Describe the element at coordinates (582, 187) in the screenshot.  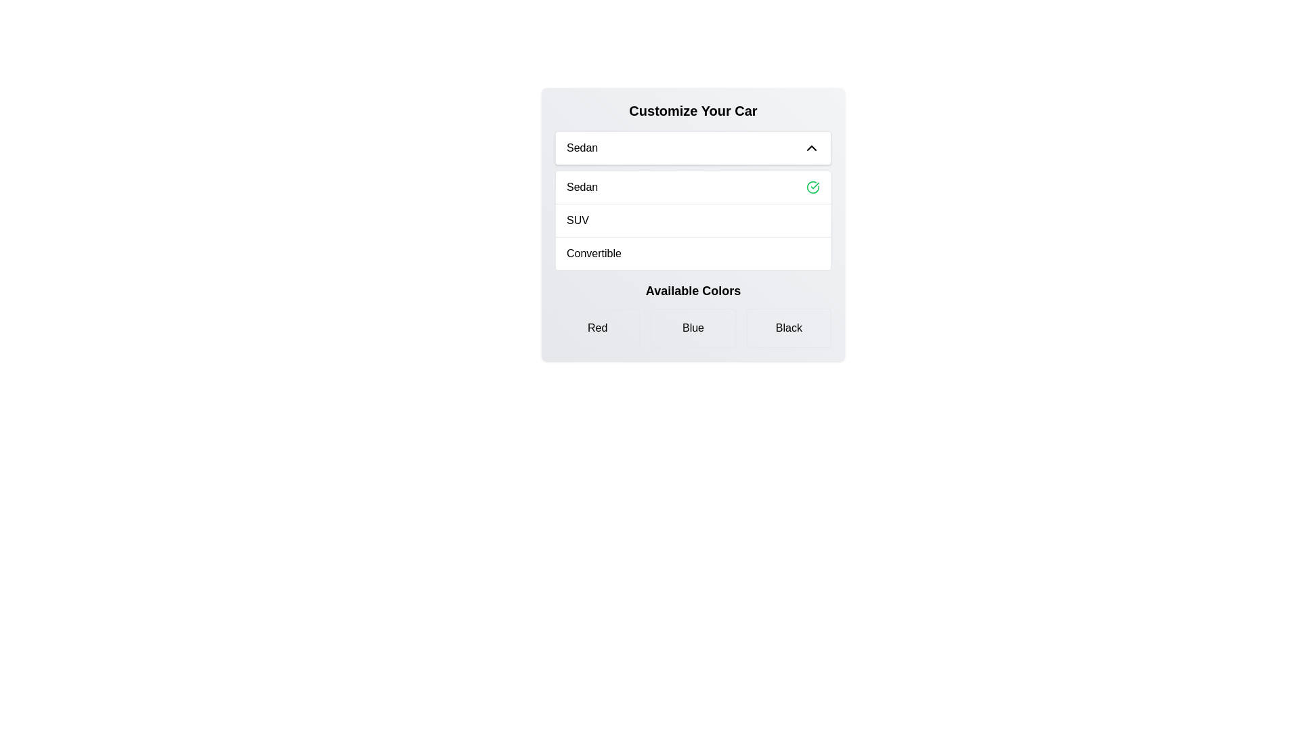
I see `the 'Sedan' text label within the dropdown menu` at that location.